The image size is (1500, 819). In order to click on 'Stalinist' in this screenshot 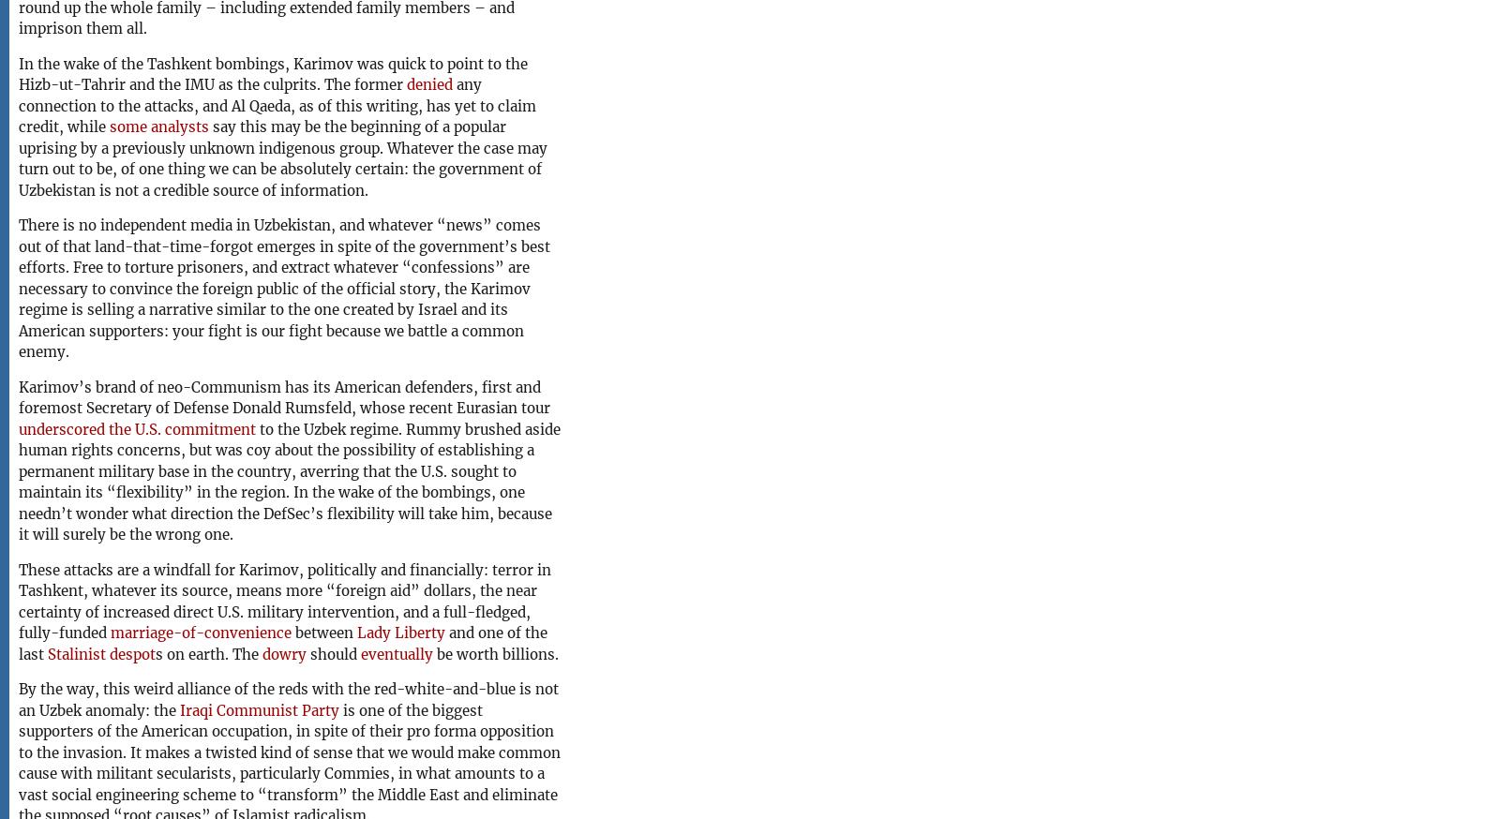, I will do `click(75, 653)`.